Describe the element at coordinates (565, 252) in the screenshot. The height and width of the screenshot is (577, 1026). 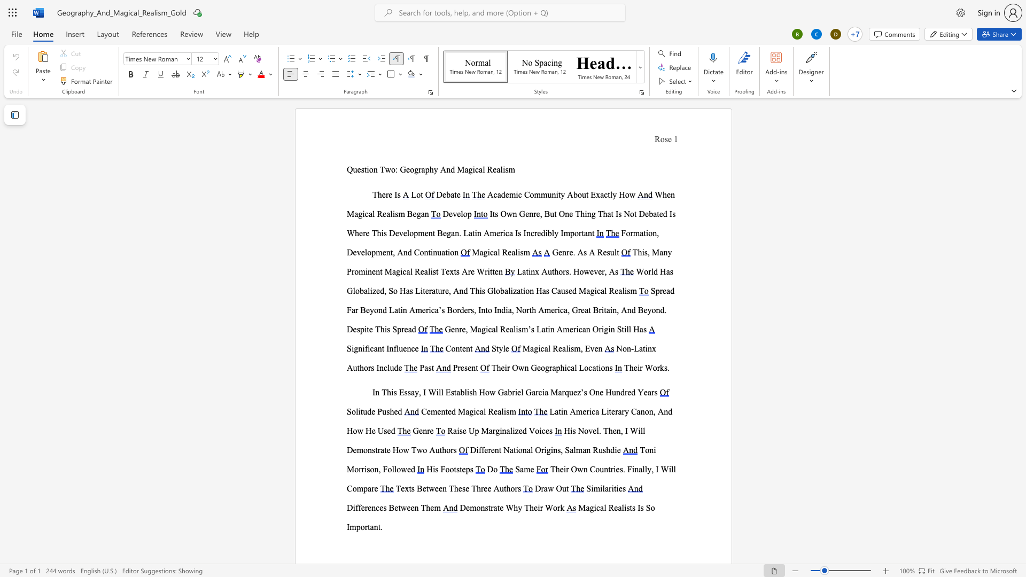
I see `the space between the continuous character "n" and "r" in the text` at that location.